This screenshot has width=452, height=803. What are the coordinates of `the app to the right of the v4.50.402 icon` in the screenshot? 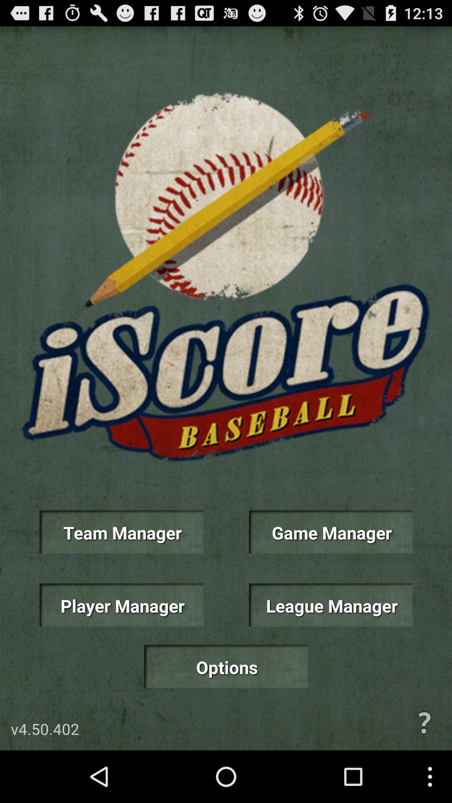 It's located at (424, 722).